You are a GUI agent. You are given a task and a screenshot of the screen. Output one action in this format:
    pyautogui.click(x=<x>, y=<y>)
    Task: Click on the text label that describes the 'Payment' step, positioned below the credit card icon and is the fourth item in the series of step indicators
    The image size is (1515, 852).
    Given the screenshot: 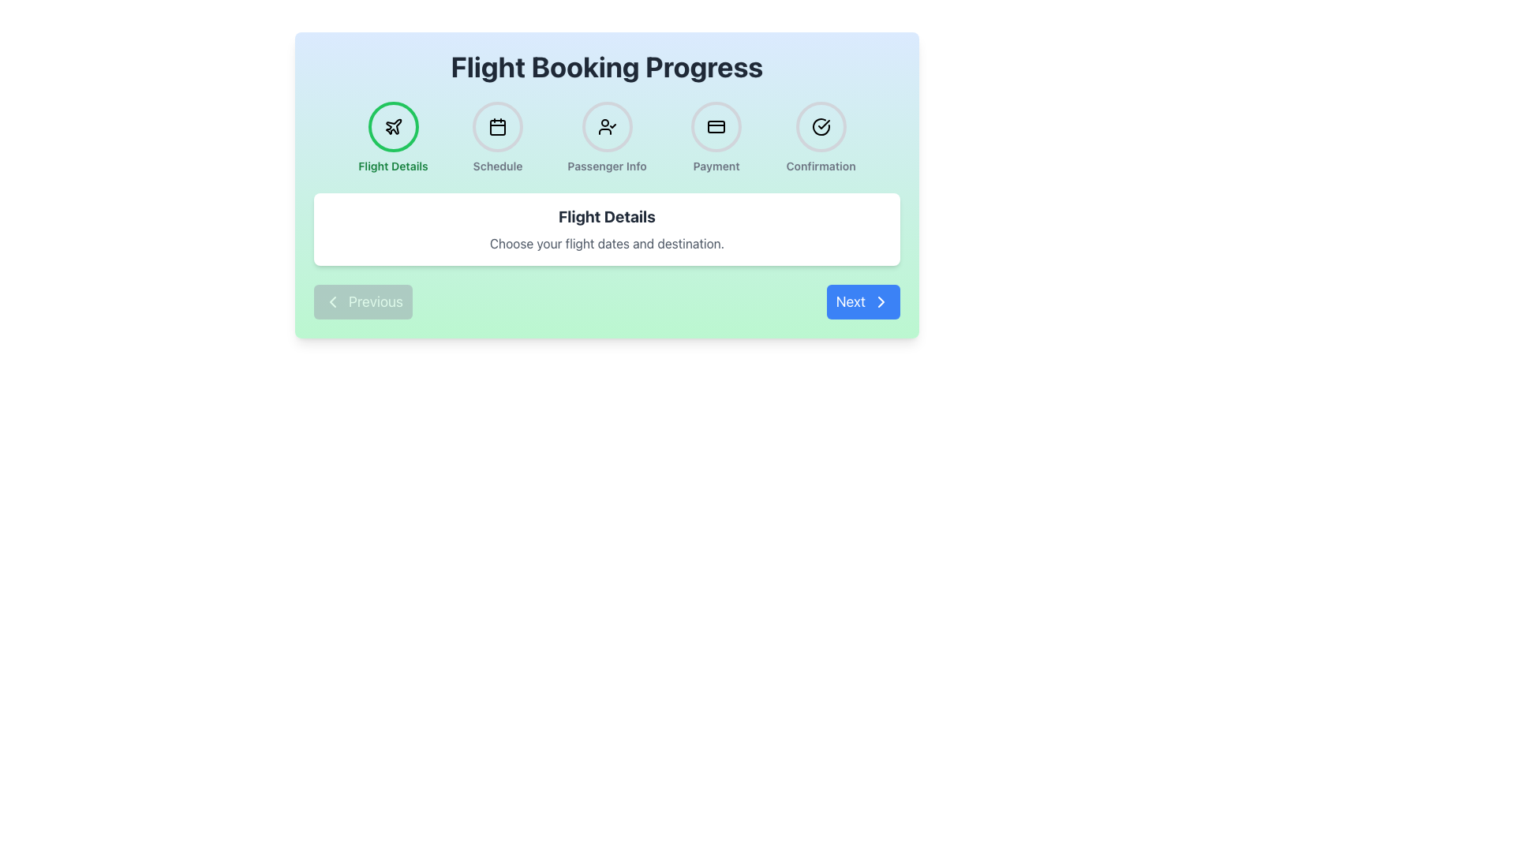 What is the action you would take?
    pyautogui.click(x=716, y=166)
    